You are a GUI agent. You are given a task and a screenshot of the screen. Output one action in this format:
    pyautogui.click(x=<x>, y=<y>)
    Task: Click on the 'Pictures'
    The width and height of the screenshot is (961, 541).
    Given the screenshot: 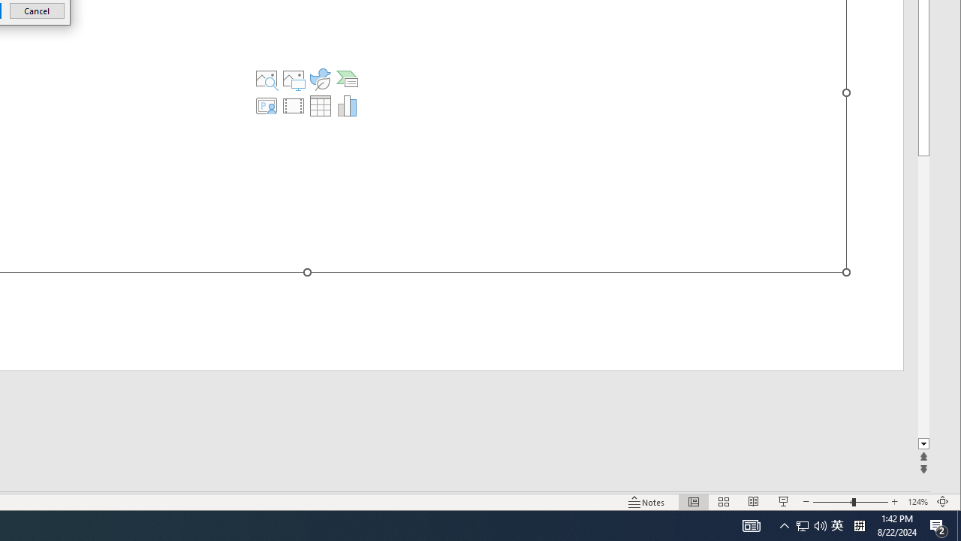 What is the action you would take?
    pyautogui.click(x=294, y=79)
    